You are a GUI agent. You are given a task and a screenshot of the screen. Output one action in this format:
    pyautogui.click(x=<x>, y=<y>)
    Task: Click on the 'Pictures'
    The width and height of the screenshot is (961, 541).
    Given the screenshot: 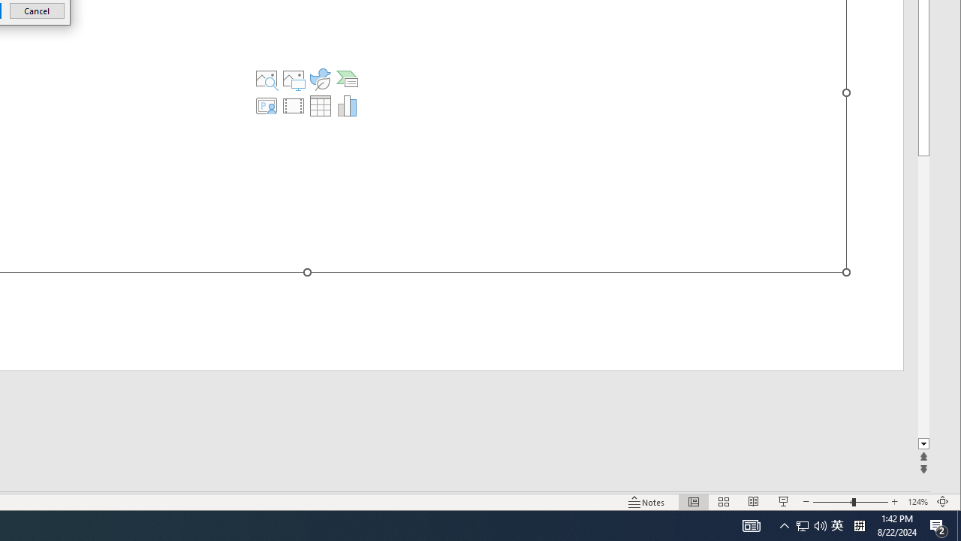 What is the action you would take?
    pyautogui.click(x=294, y=79)
    